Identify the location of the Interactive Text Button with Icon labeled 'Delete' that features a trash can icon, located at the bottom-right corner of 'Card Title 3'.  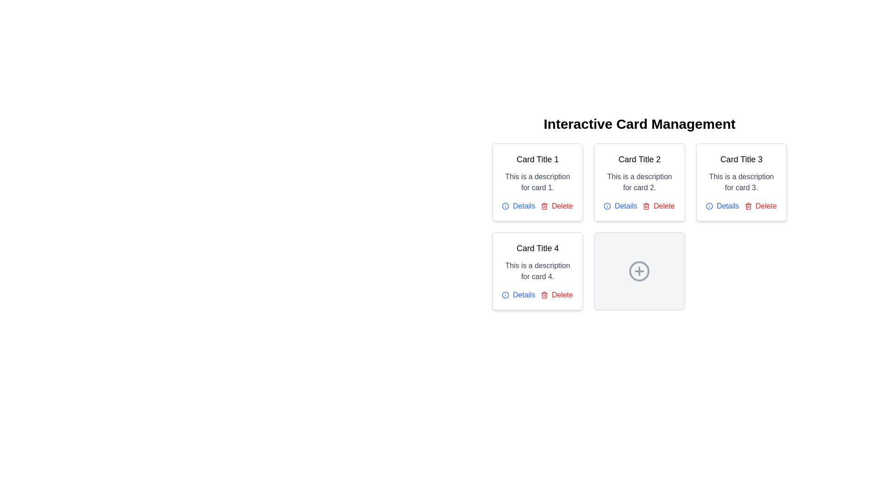
(760, 206).